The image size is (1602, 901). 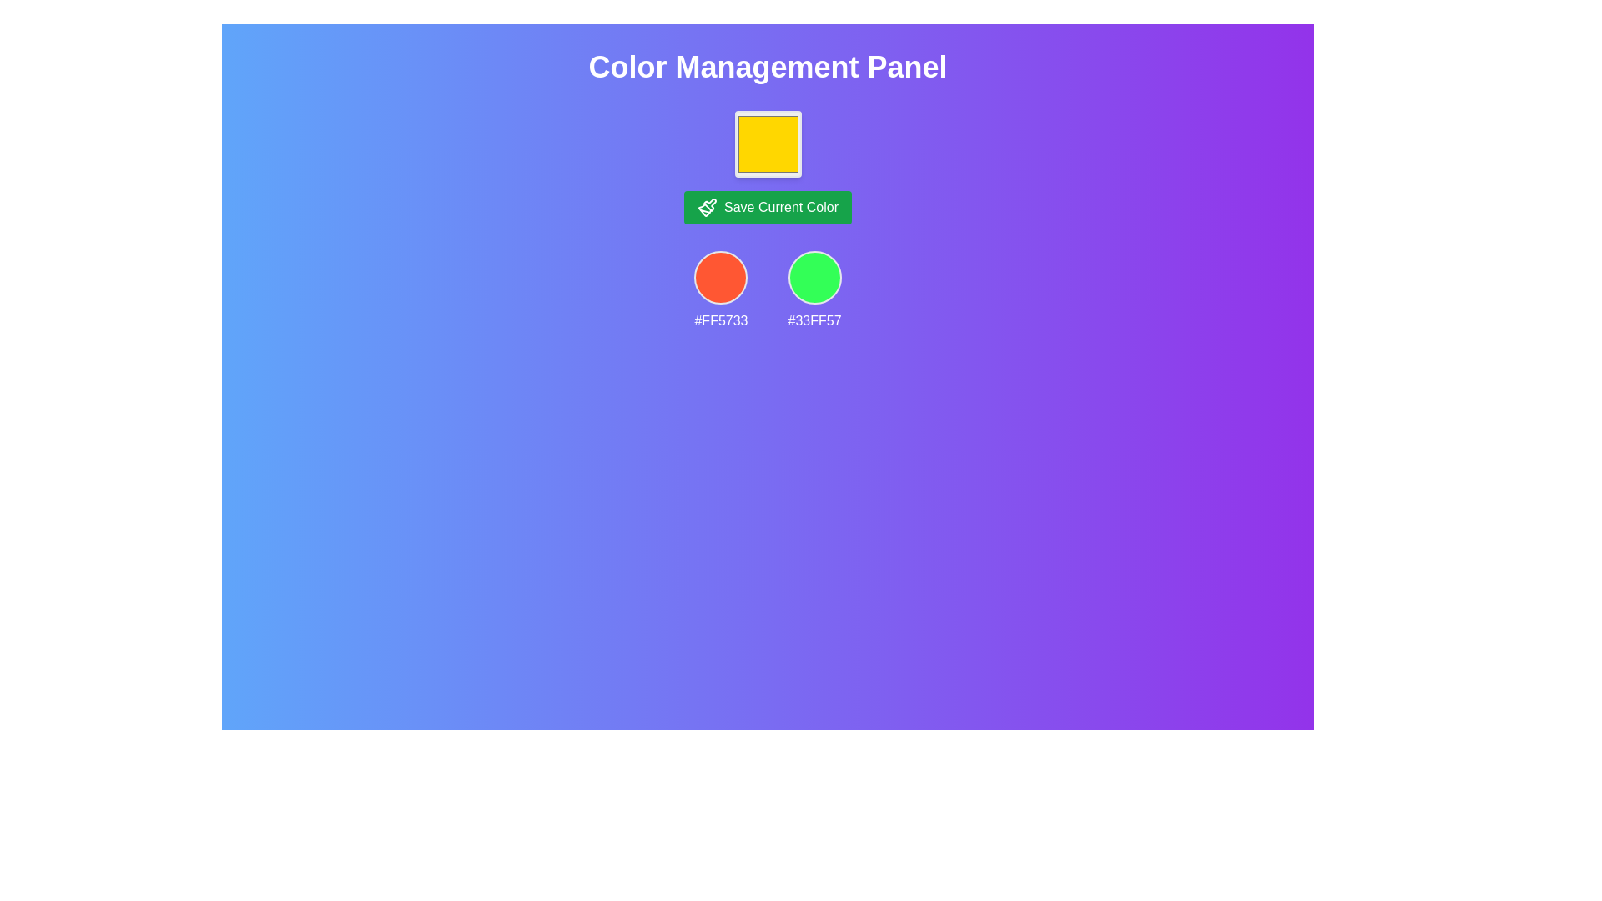 What do you see at coordinates (708, 207) in the screenshot?
I see `the paintbrush icon within the 'Save Current Color' button, which is depicted with white lines on a green background` at bounding box center [708, 207].